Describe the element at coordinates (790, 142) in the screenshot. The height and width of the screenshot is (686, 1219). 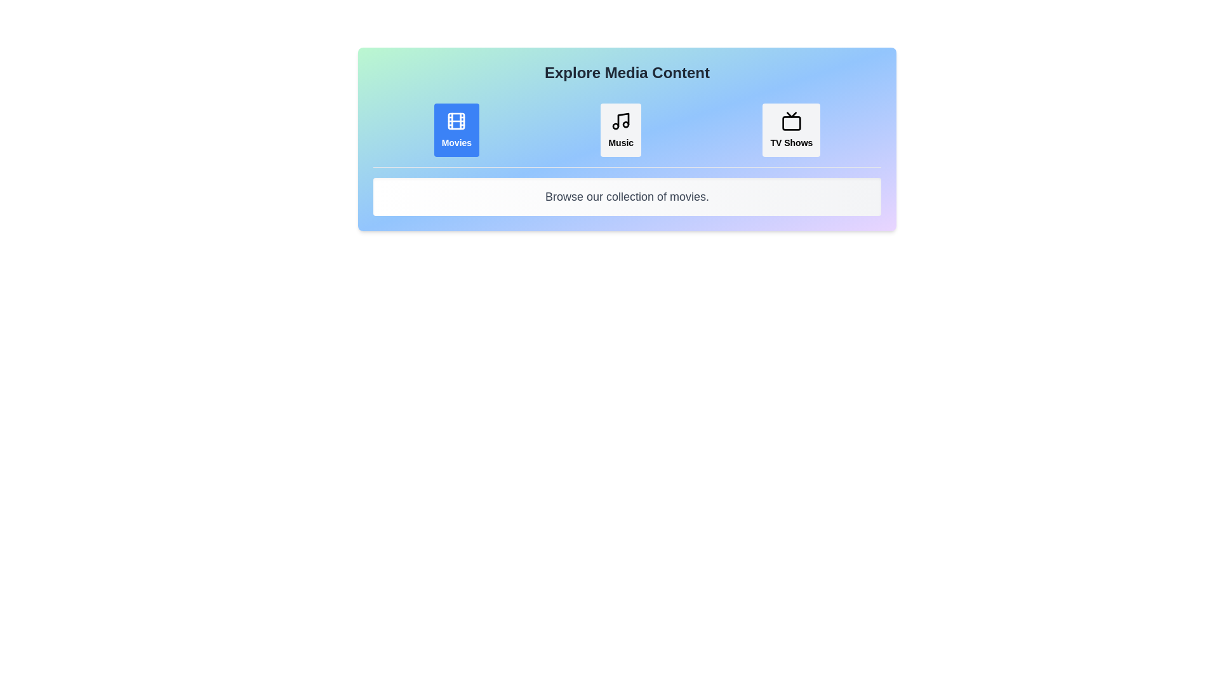
I see `the 'TV Shows' text label located beneath the television icon in the horizontal navigation bar, which serves as a descriptor for the section` at that location.